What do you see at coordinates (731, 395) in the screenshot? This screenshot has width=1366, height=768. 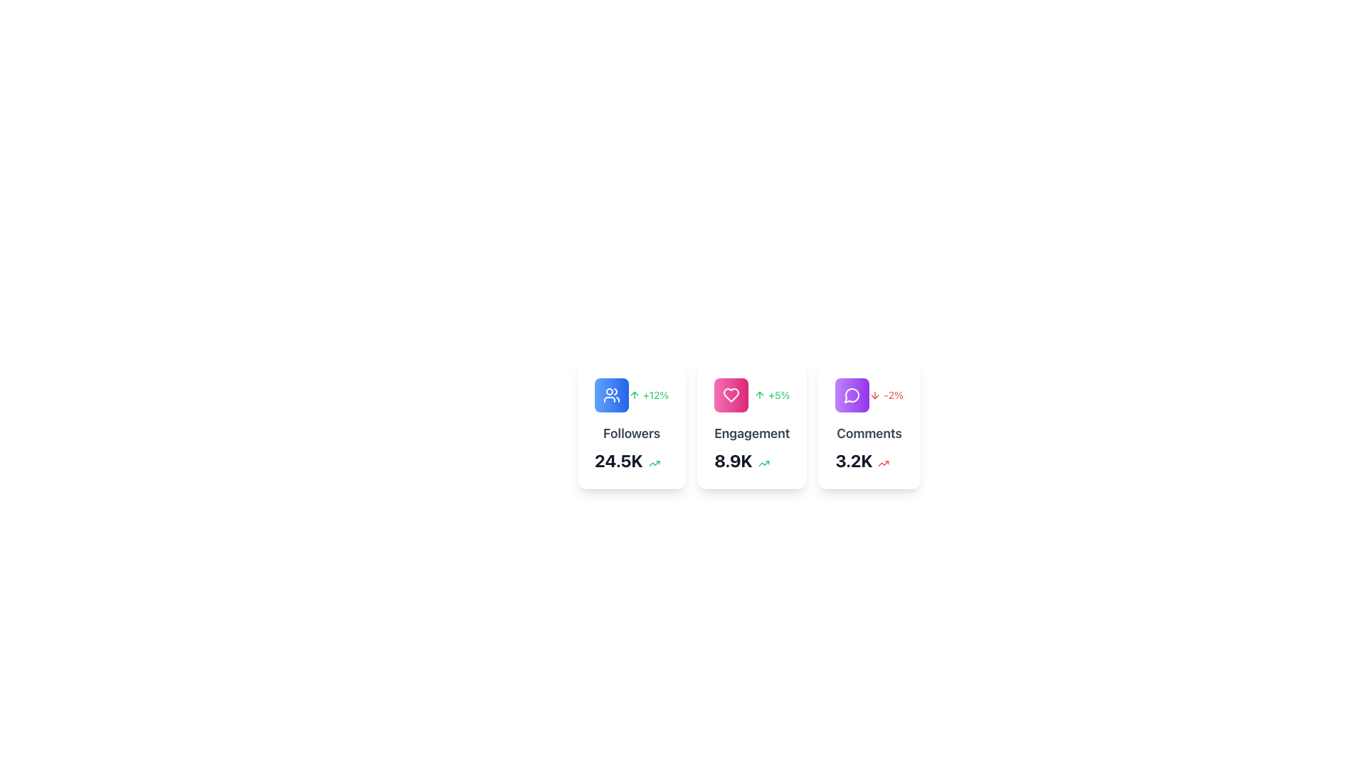 I see `the heart-shaped vector graphic styled in a pink gradient, located in the middle card of three distinct cards` at bounding box center [731, 395].